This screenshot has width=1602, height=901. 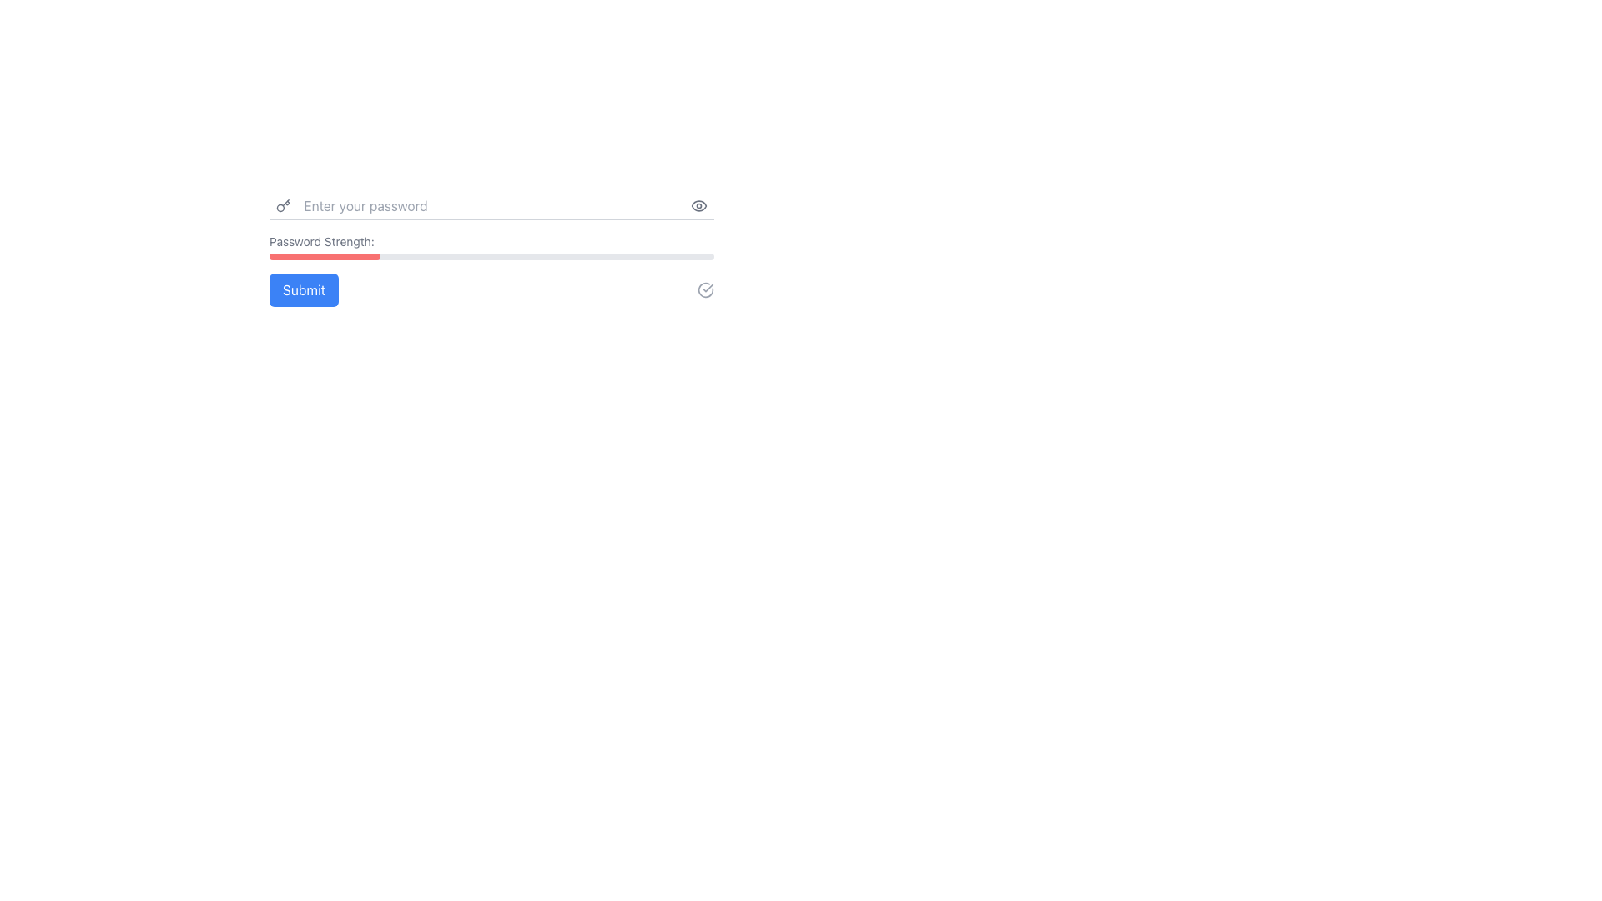 What do you see at coordinates (699, 204) in the screenshot?
I see `the interactive eye icon for toggling password visibility` at bounding box center [699, 204].